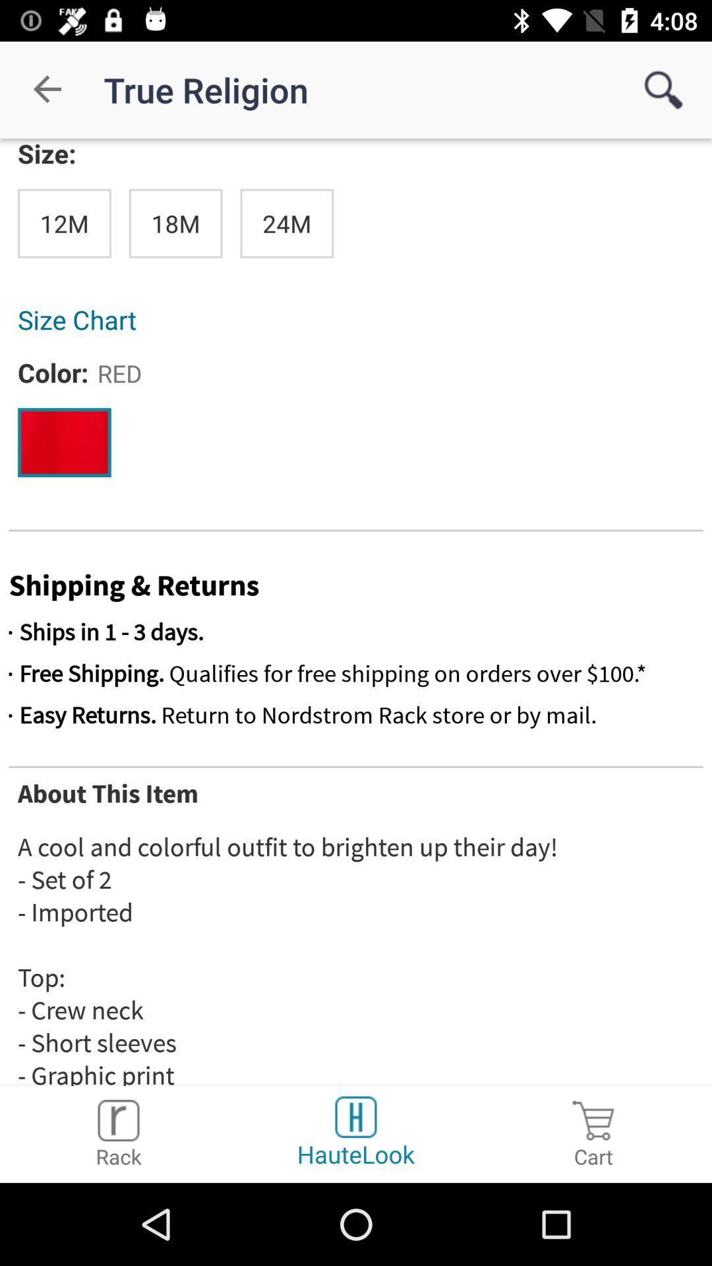 The width and height of the screenshot is (712, 1266). Describe the element at coordinates (175, 224) in the screenshot. I see `icon next to 24m icon` at that location.